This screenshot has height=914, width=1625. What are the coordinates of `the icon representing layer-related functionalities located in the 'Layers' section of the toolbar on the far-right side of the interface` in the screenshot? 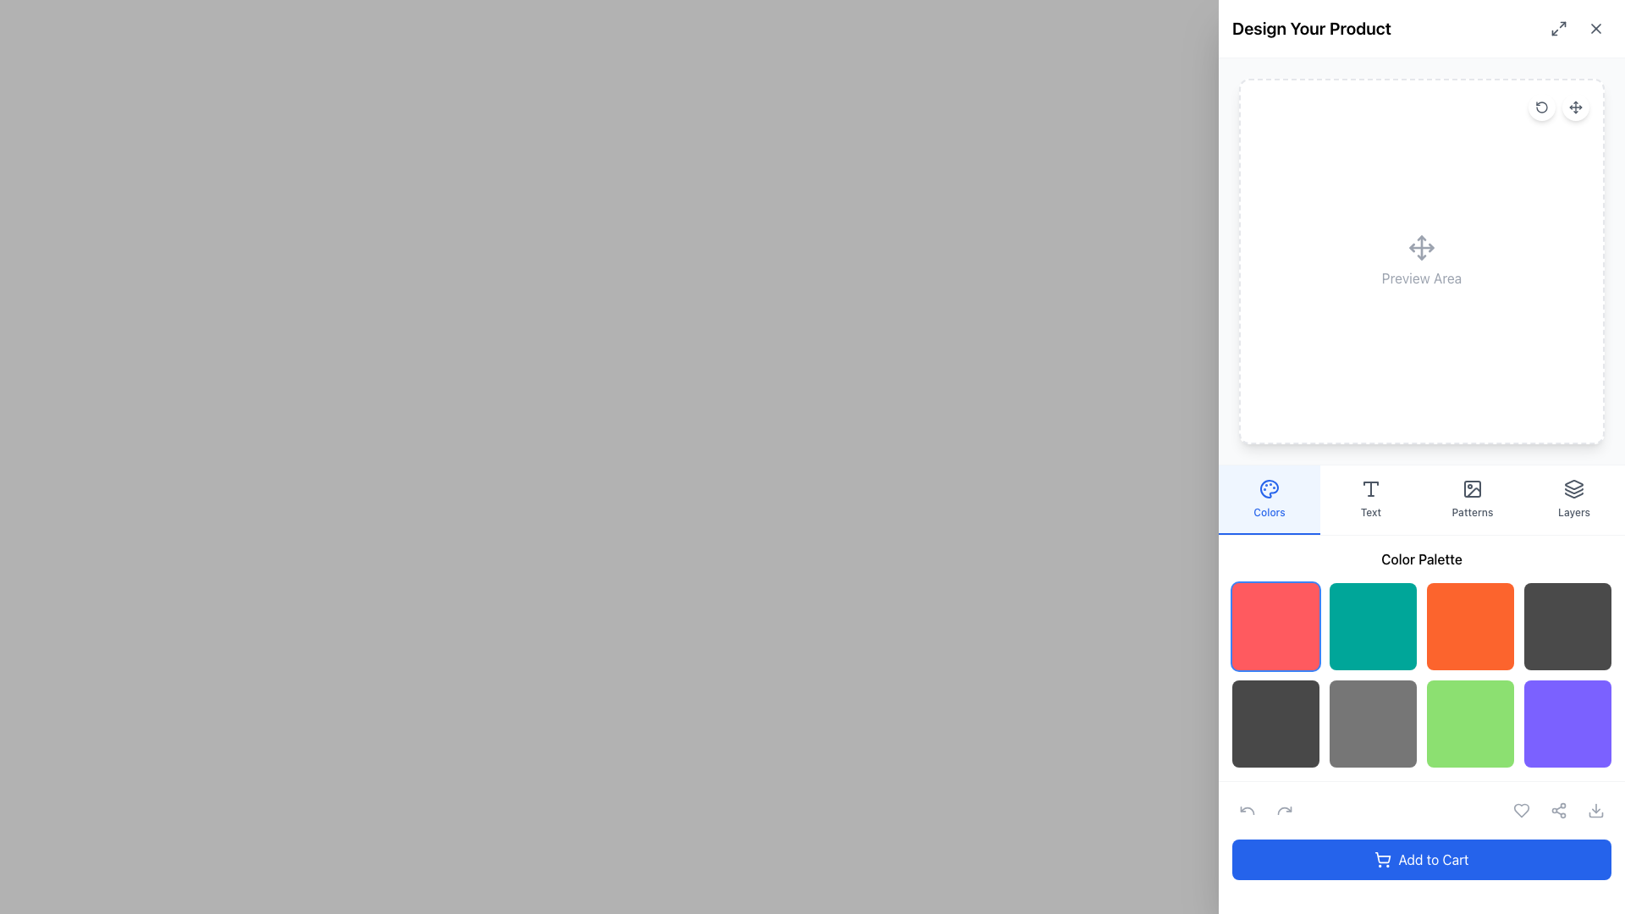 It's located at (1573, 489).